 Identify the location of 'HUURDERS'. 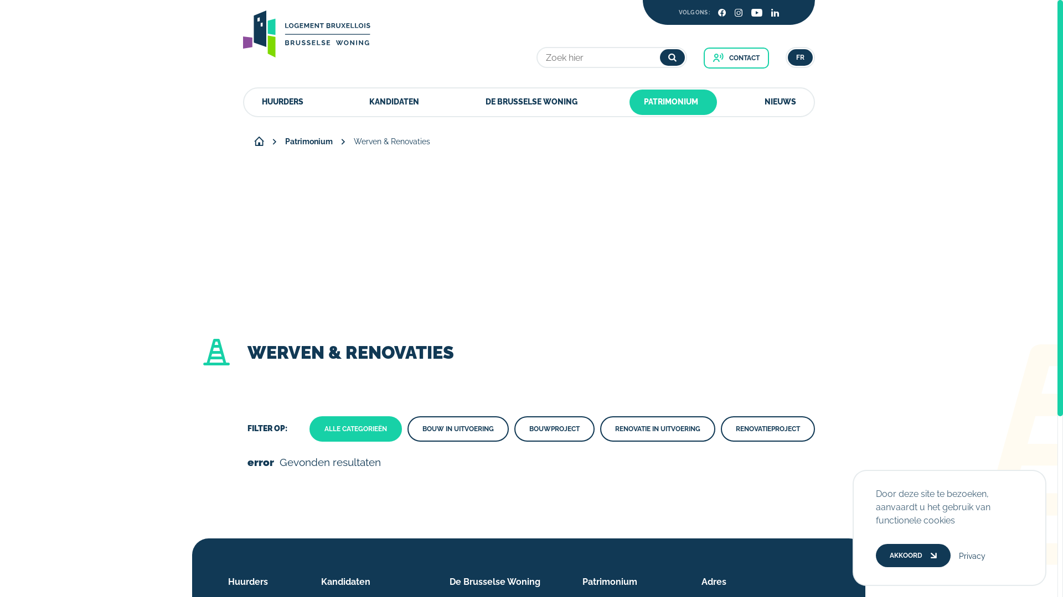
(282, 102).